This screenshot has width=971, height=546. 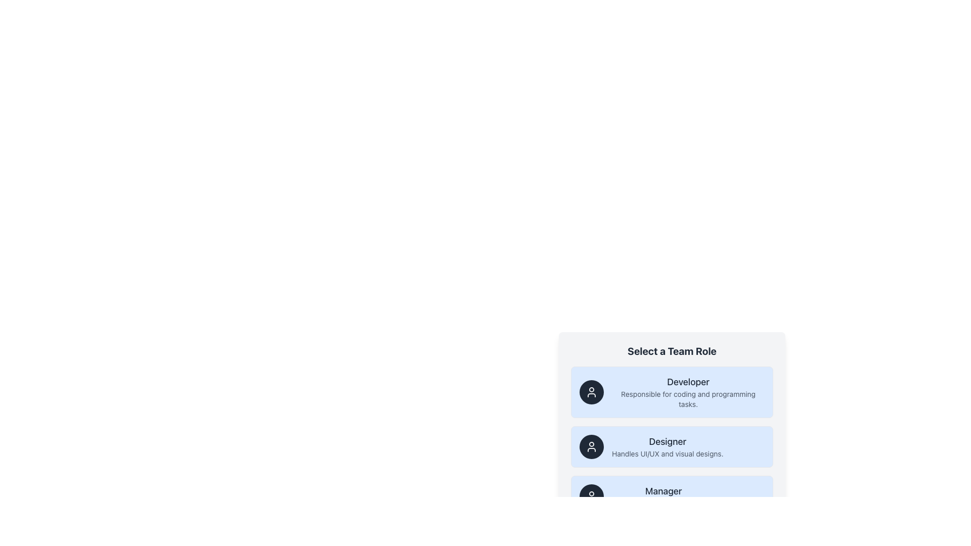 What do you see at coordinates (664, 491) in the screenshot?
I see `the bold, dark gray text label displaying 'Manager', which is positioned beneath the 'Designer' entry and above its role description` at bounding box center [664, 491].